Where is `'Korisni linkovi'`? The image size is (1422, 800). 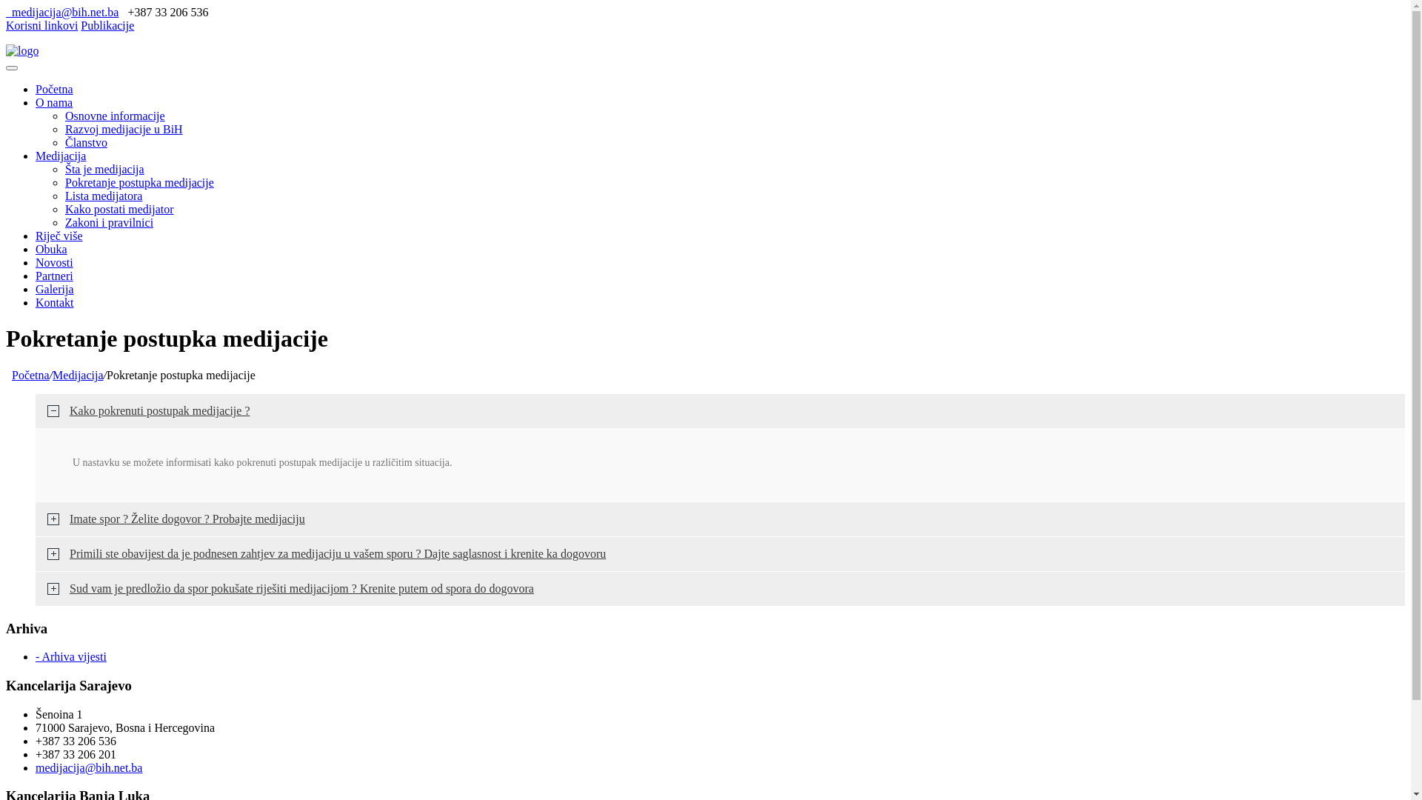 'Korisni linkovi' is located at coordinates (41, 25).